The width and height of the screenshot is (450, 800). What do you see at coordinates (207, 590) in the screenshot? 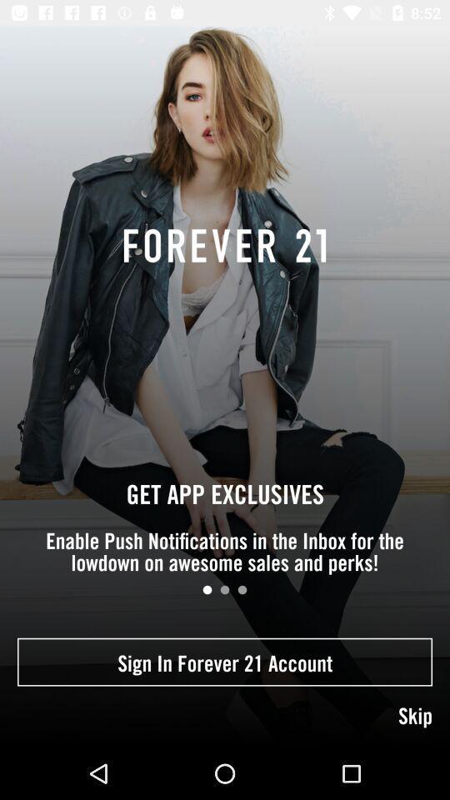
I see `icon below enable push notifications item` at bounding box center [207, 590].